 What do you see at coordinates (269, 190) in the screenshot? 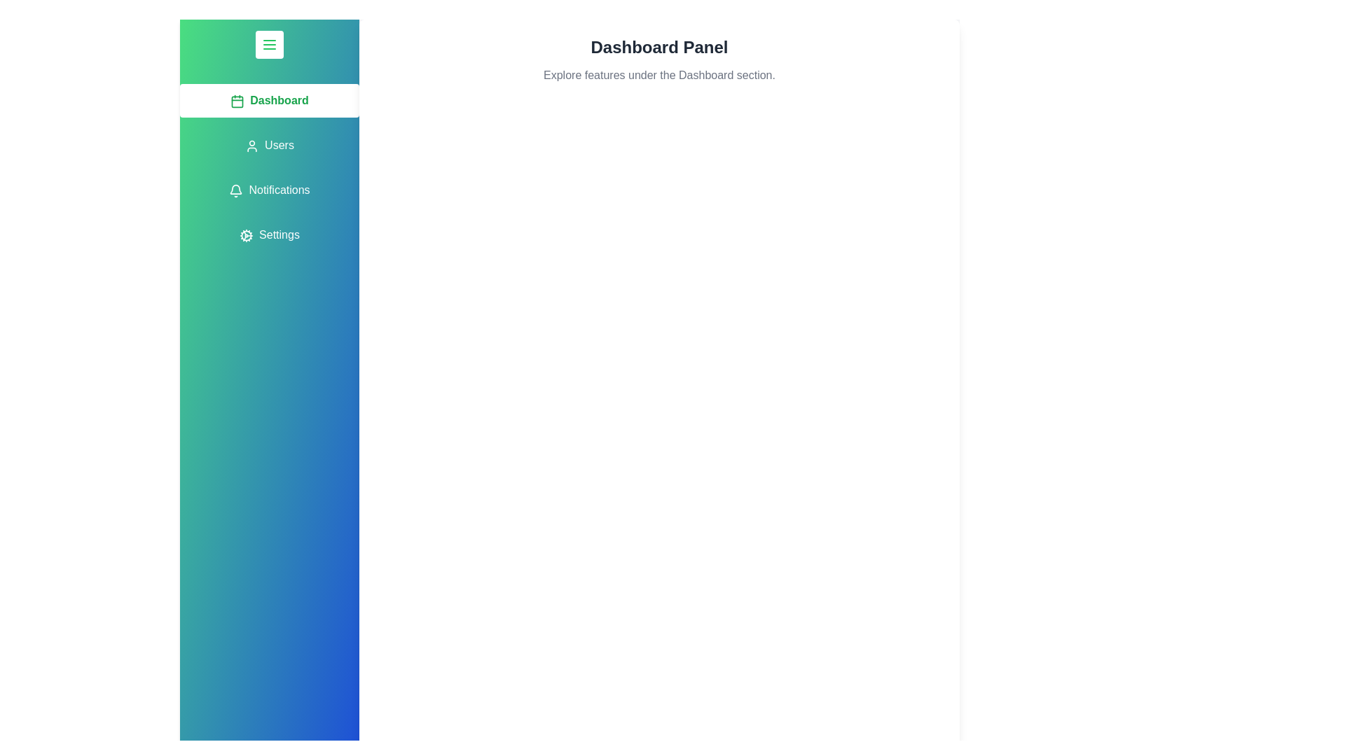
I see `the tab labeled Notifications to observe its hover effect` at bounding box center [269, 190].